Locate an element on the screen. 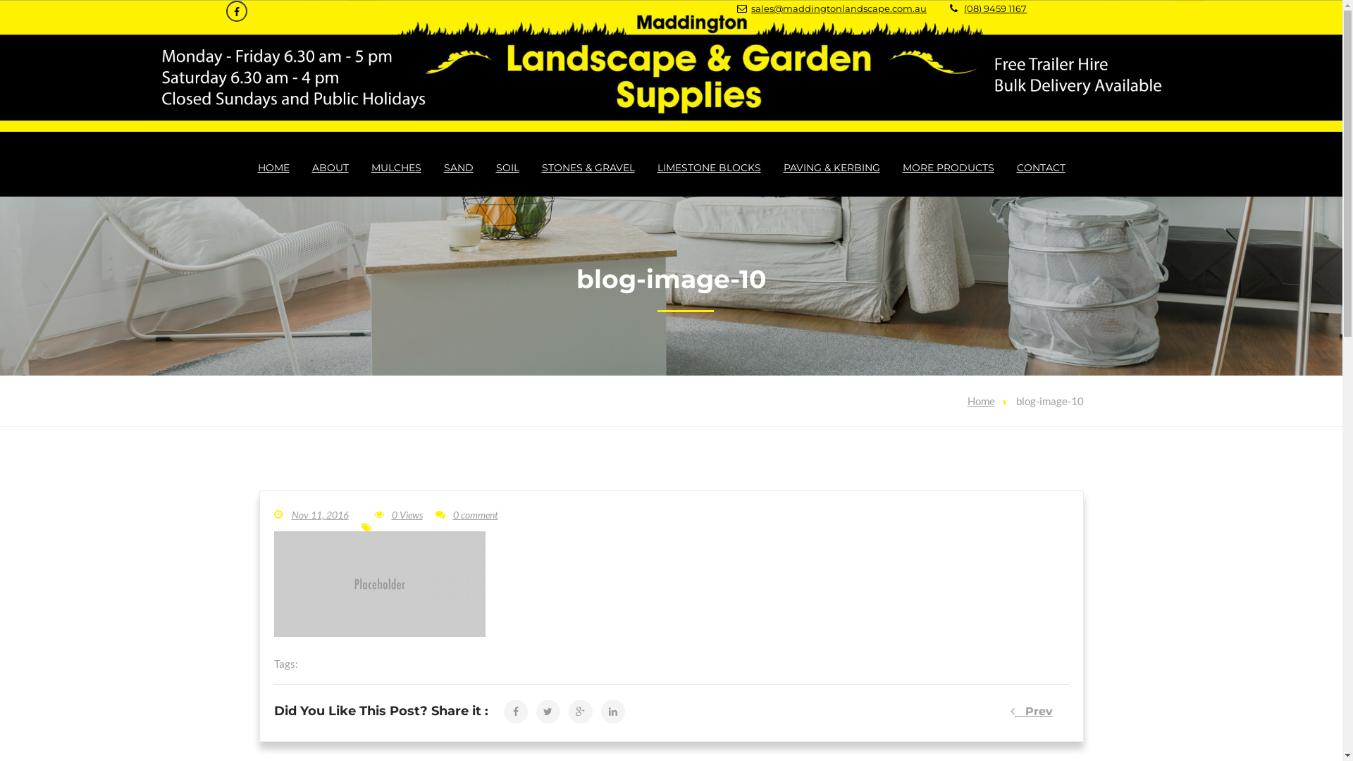  'MULCHES' is located at coordinates (395, 167).